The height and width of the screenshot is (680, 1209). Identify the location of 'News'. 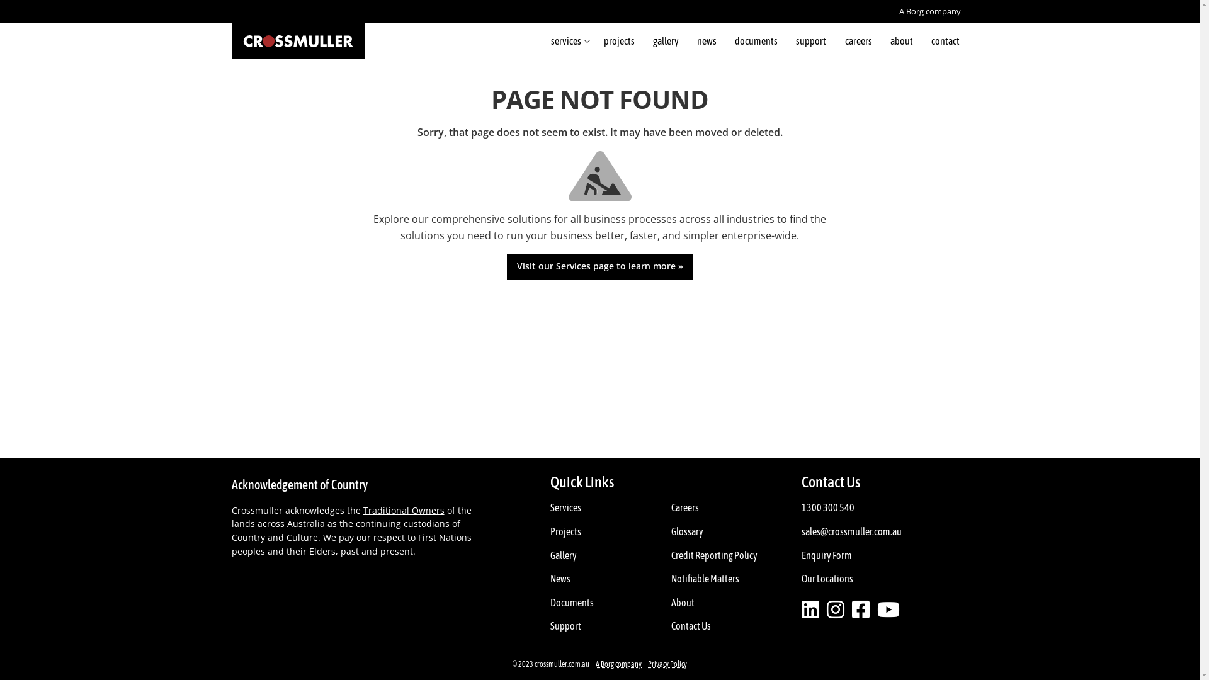
(547, 579).